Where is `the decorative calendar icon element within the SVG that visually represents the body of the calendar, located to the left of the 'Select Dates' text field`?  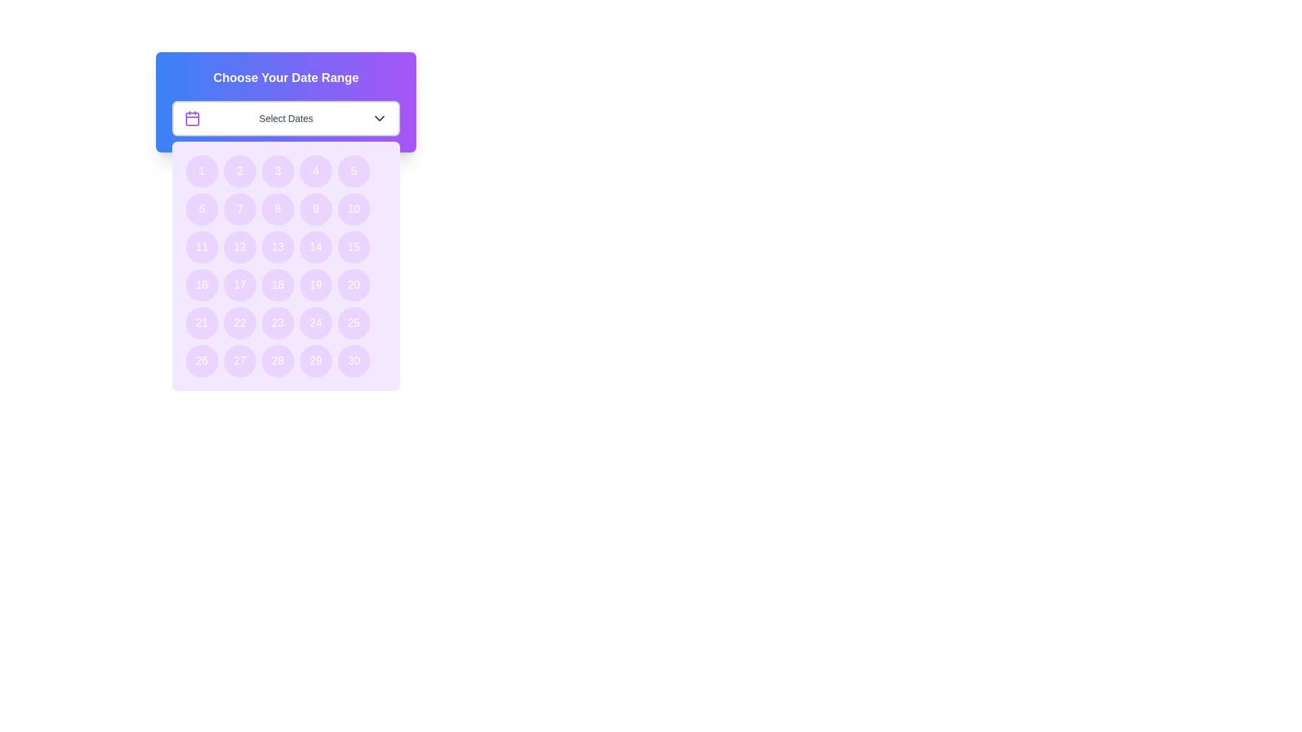 the decorative calendar icon element within the SVG that visually represents the body of the calendar, located to the left of the 'Select Dates' text field is located at coordinates (191, 119).